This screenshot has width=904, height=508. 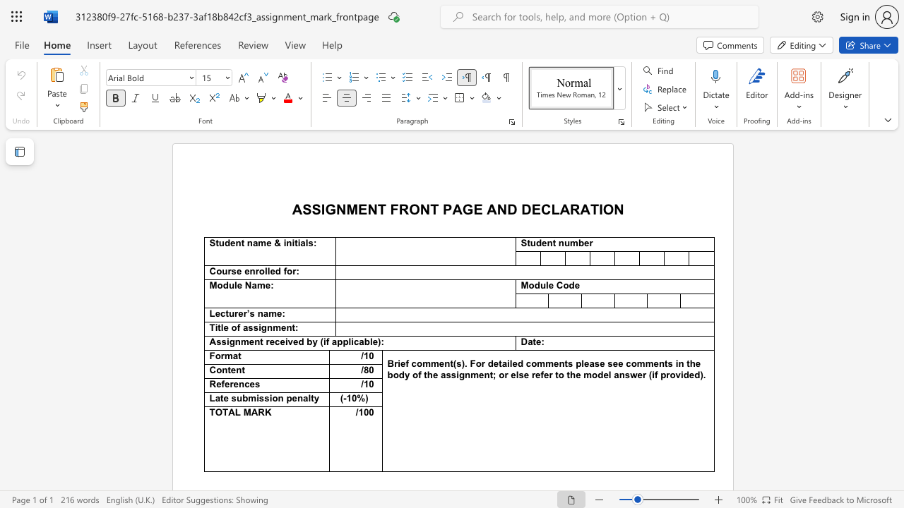 I want to click on the space between the continuous character "I" and "O" in the text, so click(x=605, y=209).